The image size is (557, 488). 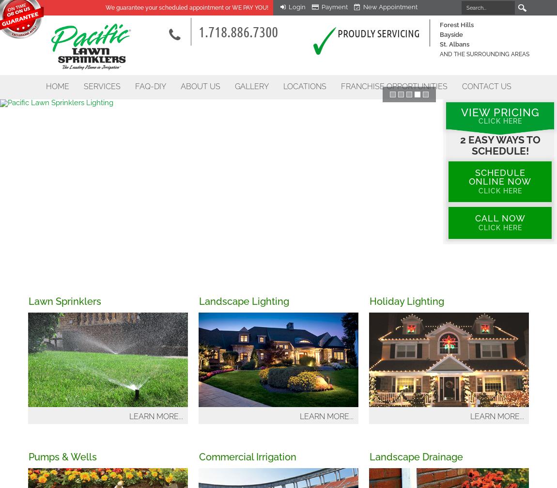 What do you see at coordinates (461, 112) in the screenshot?
I see `'View Pricing'` at bounding box center [461, 112].